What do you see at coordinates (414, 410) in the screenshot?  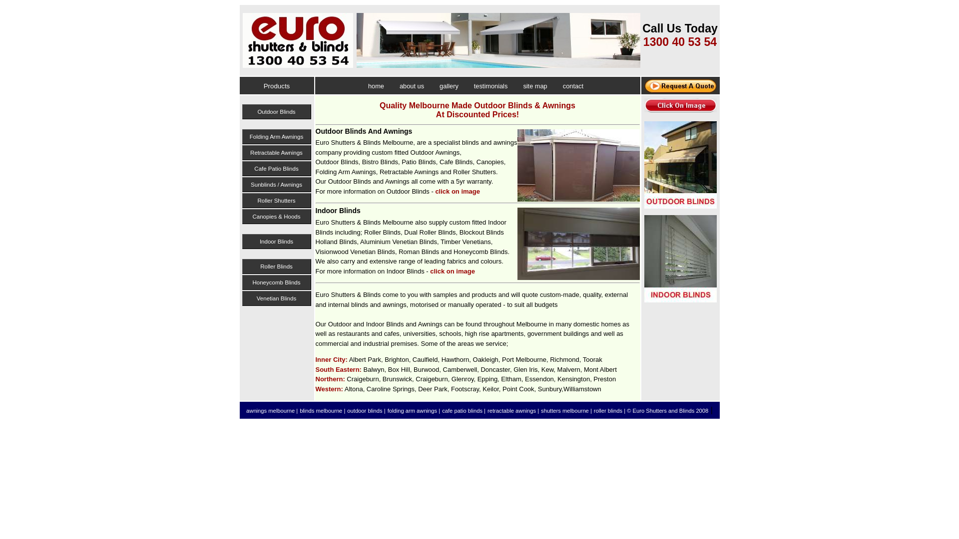 I see `'folding arm awnings |'` at bounding box center [414, 410].